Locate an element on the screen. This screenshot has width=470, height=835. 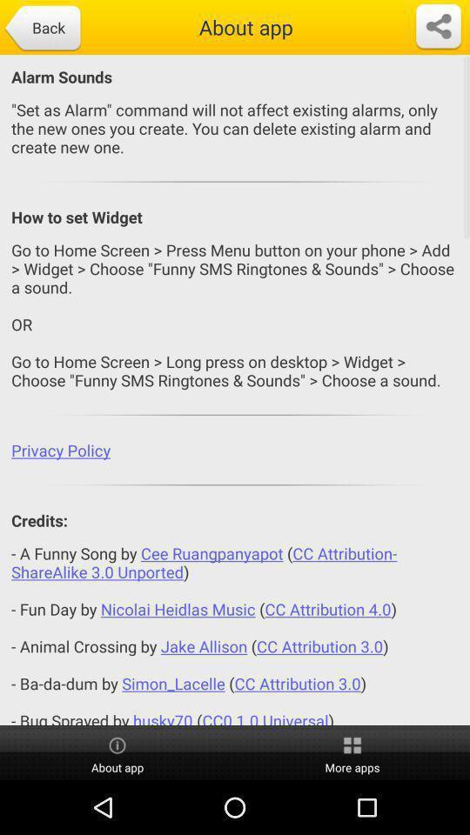
icon at the top right corner is located at coordinates (437, 26).